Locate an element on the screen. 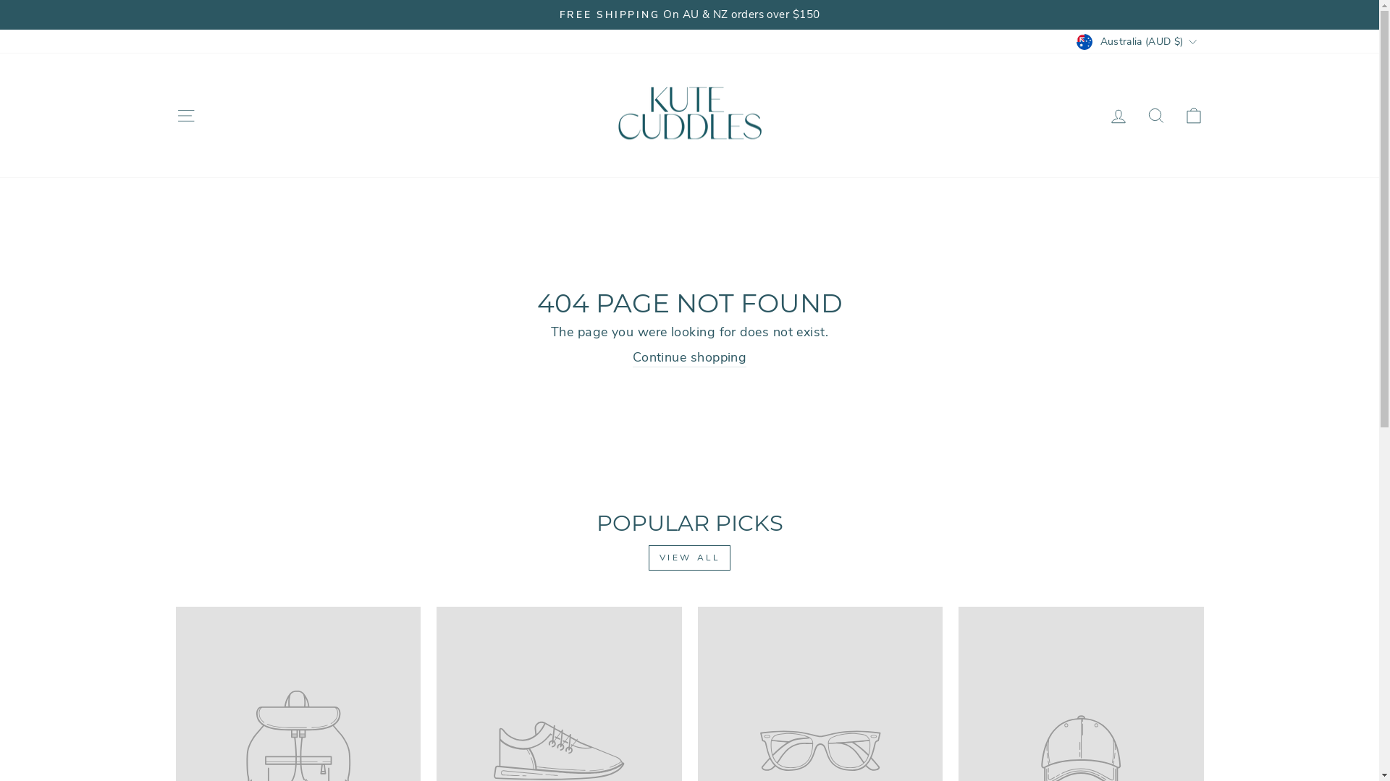  'ACCOUNT is located at coordinates (1117, 114).